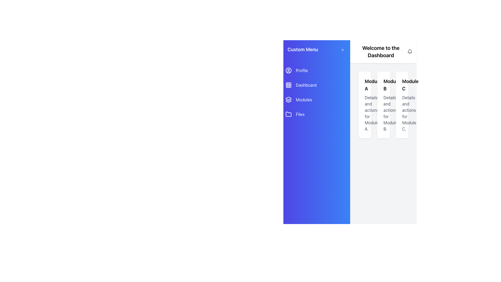  Describe the element at coordinates (317, 49) in the screenshot. I see `the interactive icon next to the title of the sidebar menu` at that location.